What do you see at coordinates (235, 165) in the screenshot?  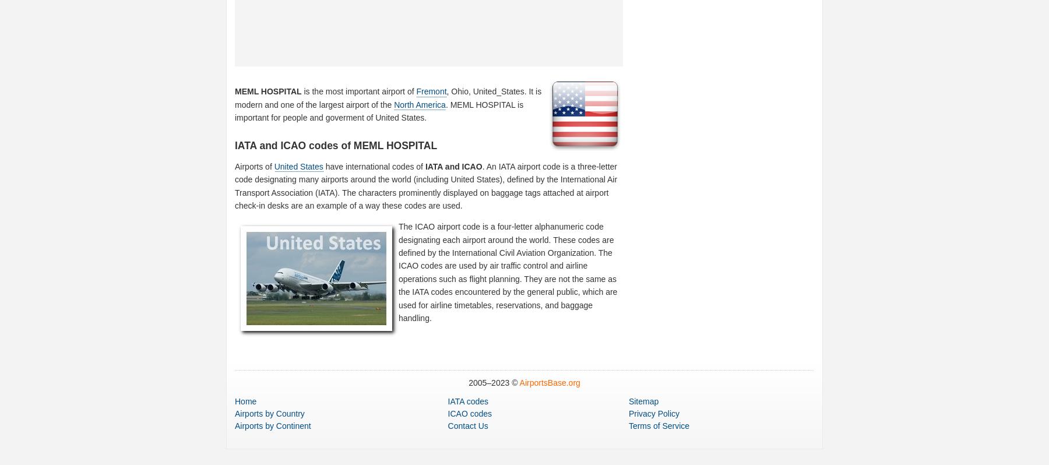 I see `'Airports of'` at bounding box center [235, 165].